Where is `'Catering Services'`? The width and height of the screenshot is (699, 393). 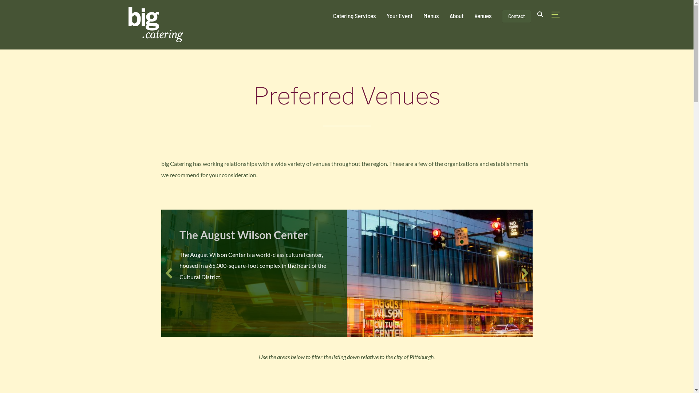 'Catering Services' is located at coordinates (354, 15).